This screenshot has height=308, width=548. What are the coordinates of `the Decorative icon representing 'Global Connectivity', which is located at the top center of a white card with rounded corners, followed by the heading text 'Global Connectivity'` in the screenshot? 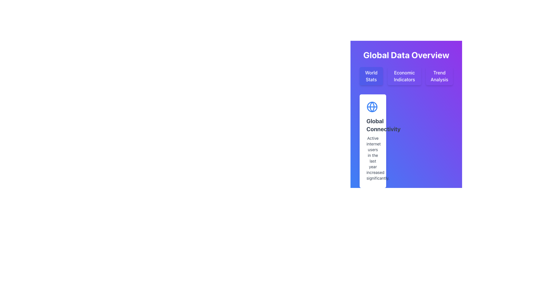 It's located at (372, 107).